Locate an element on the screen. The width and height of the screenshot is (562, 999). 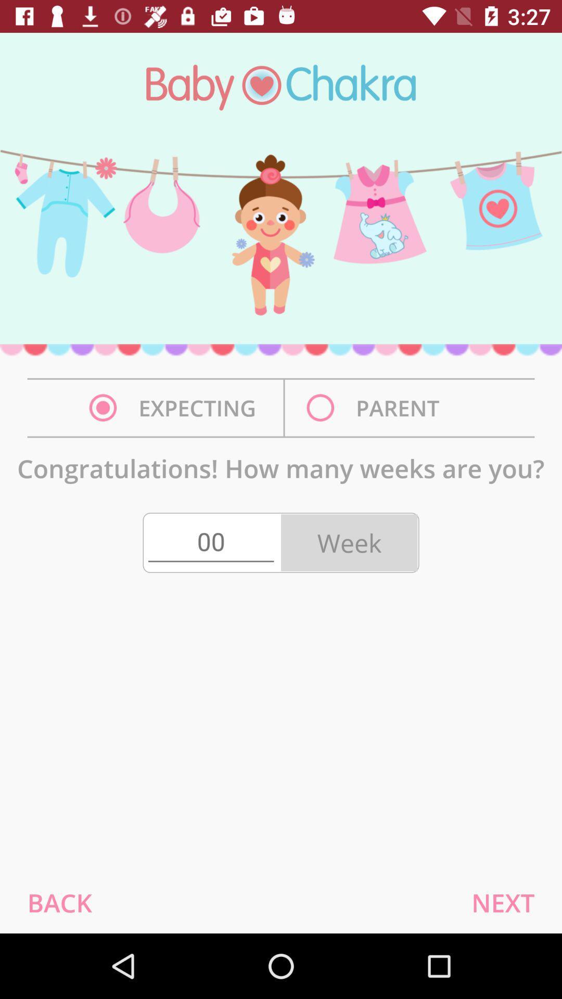
the item at the bottom left corner is located at coordinates (59, 902).